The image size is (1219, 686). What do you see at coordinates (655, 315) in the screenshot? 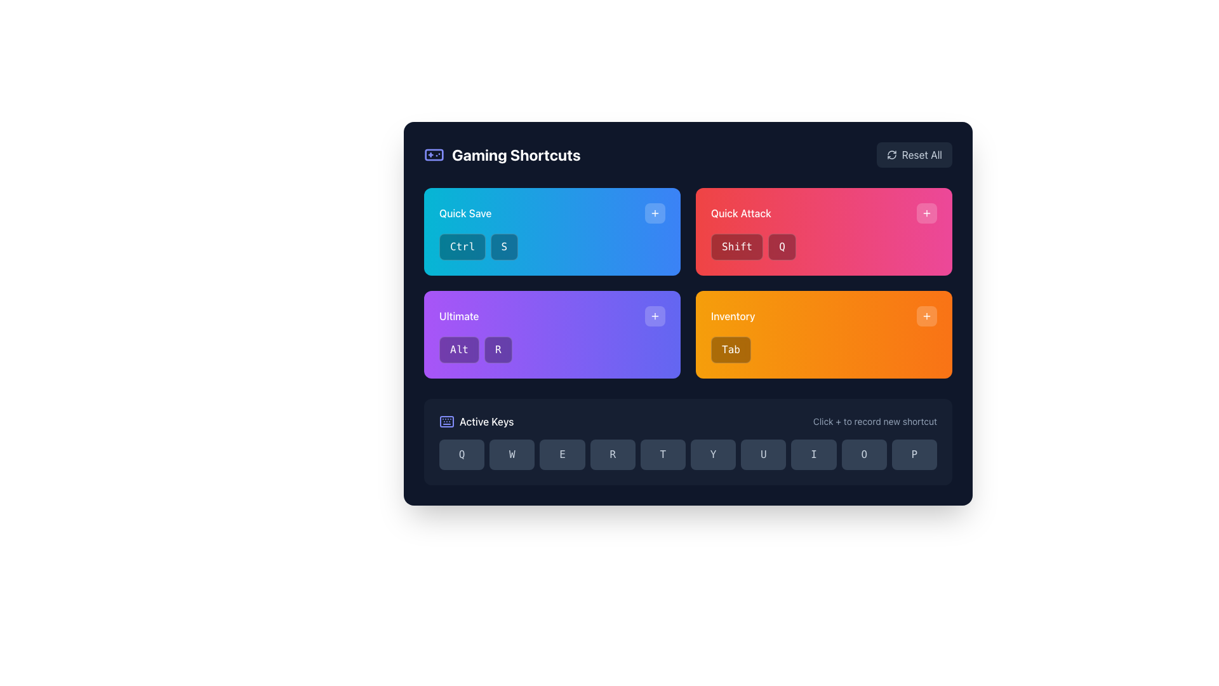
I see `the small circular button with a '+' icon, located at the top-right corner inside the 'Ultimate' shortcut box, to observe the hover effect` at bounding box center [655, 315].